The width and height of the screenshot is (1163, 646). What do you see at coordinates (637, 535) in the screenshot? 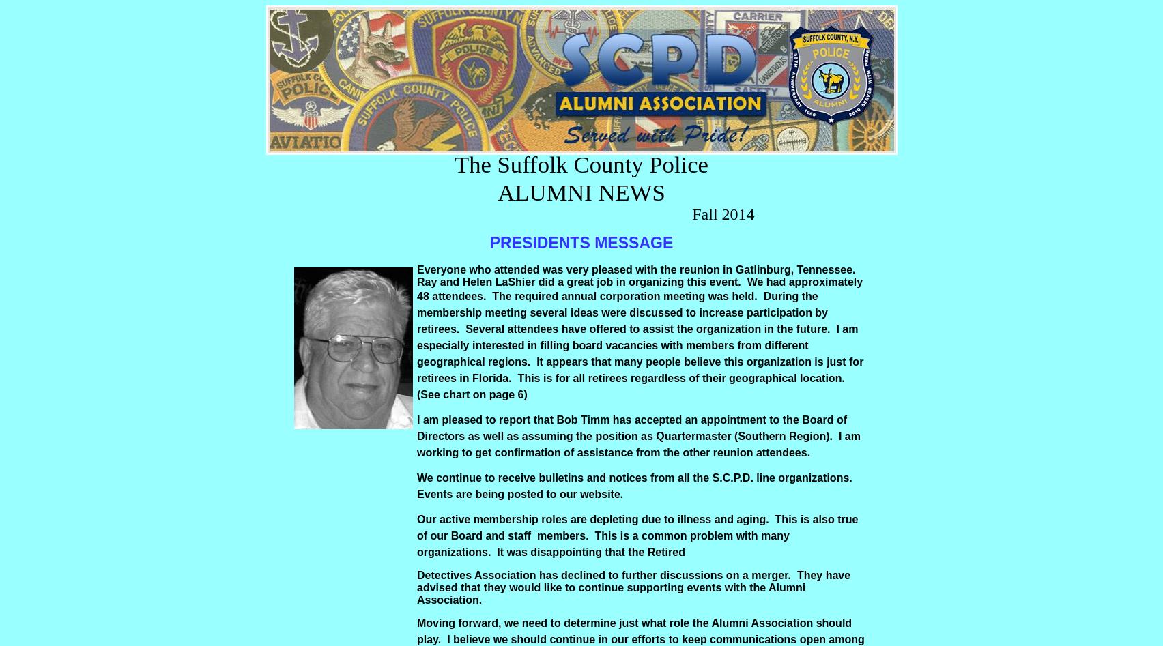
I see `'Our
active membership roles are depleting due to illness and aging. 
This is also true of our Board and staff  members.  This is a
common problem with many organizations.  It was disappointing that
the Retired'` at bounding box center [637, 535].